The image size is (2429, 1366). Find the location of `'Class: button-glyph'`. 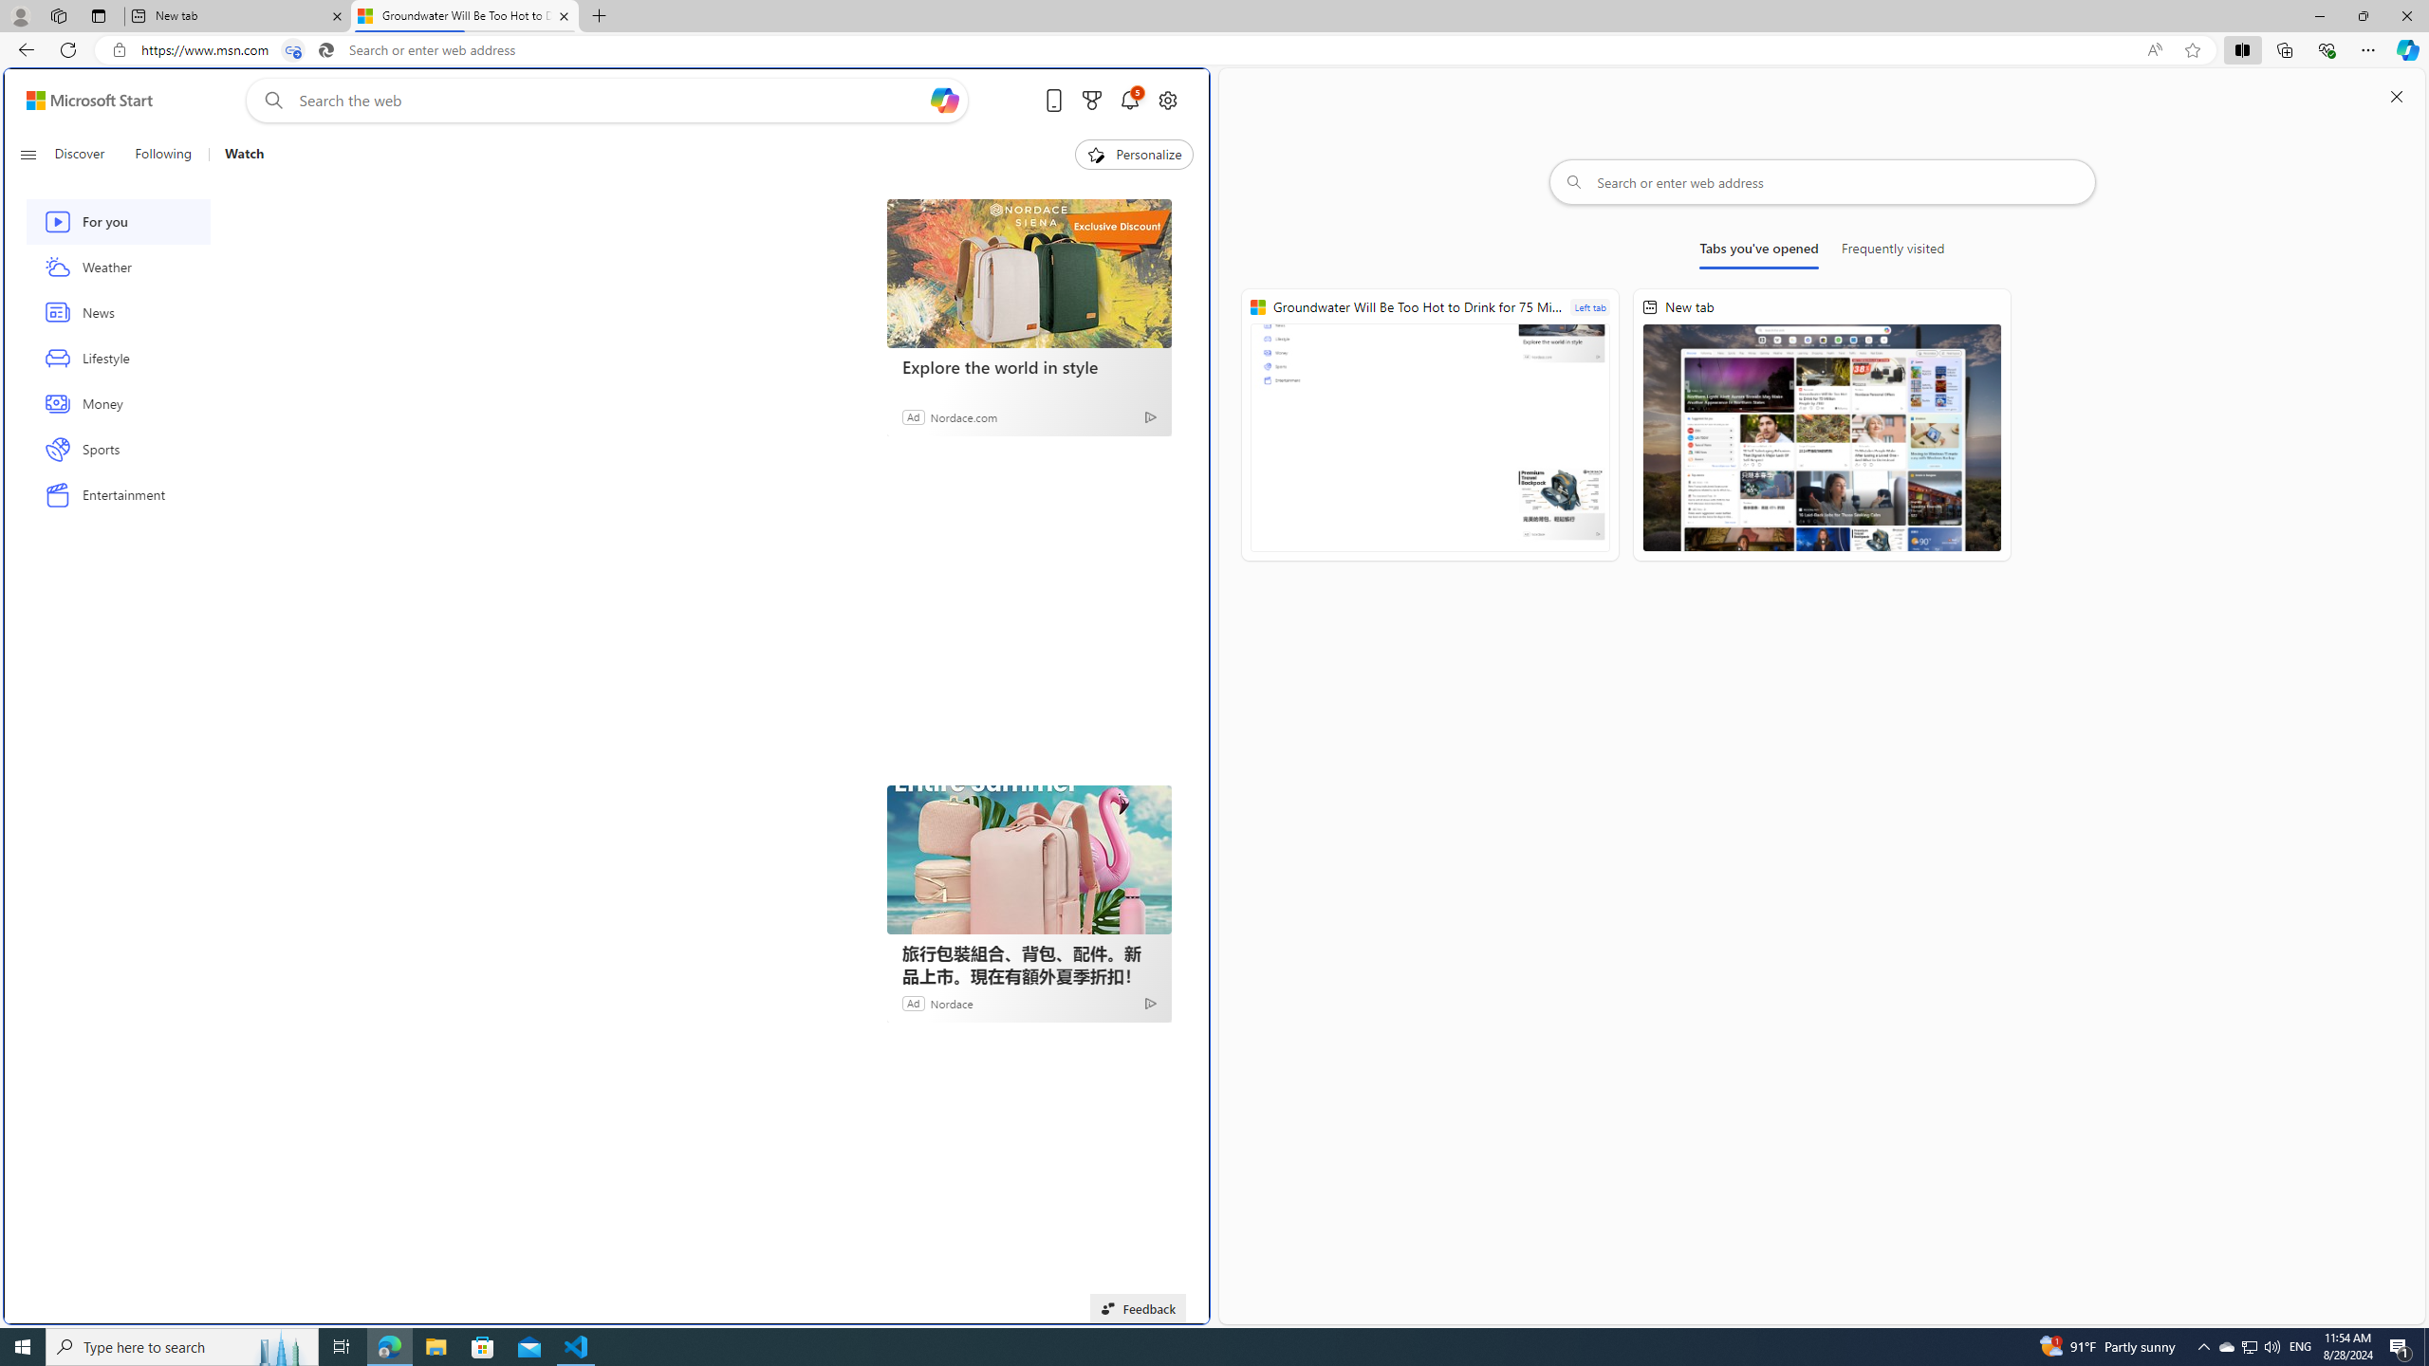

'Class: button-glyph' is located at coordinates (27, 154).